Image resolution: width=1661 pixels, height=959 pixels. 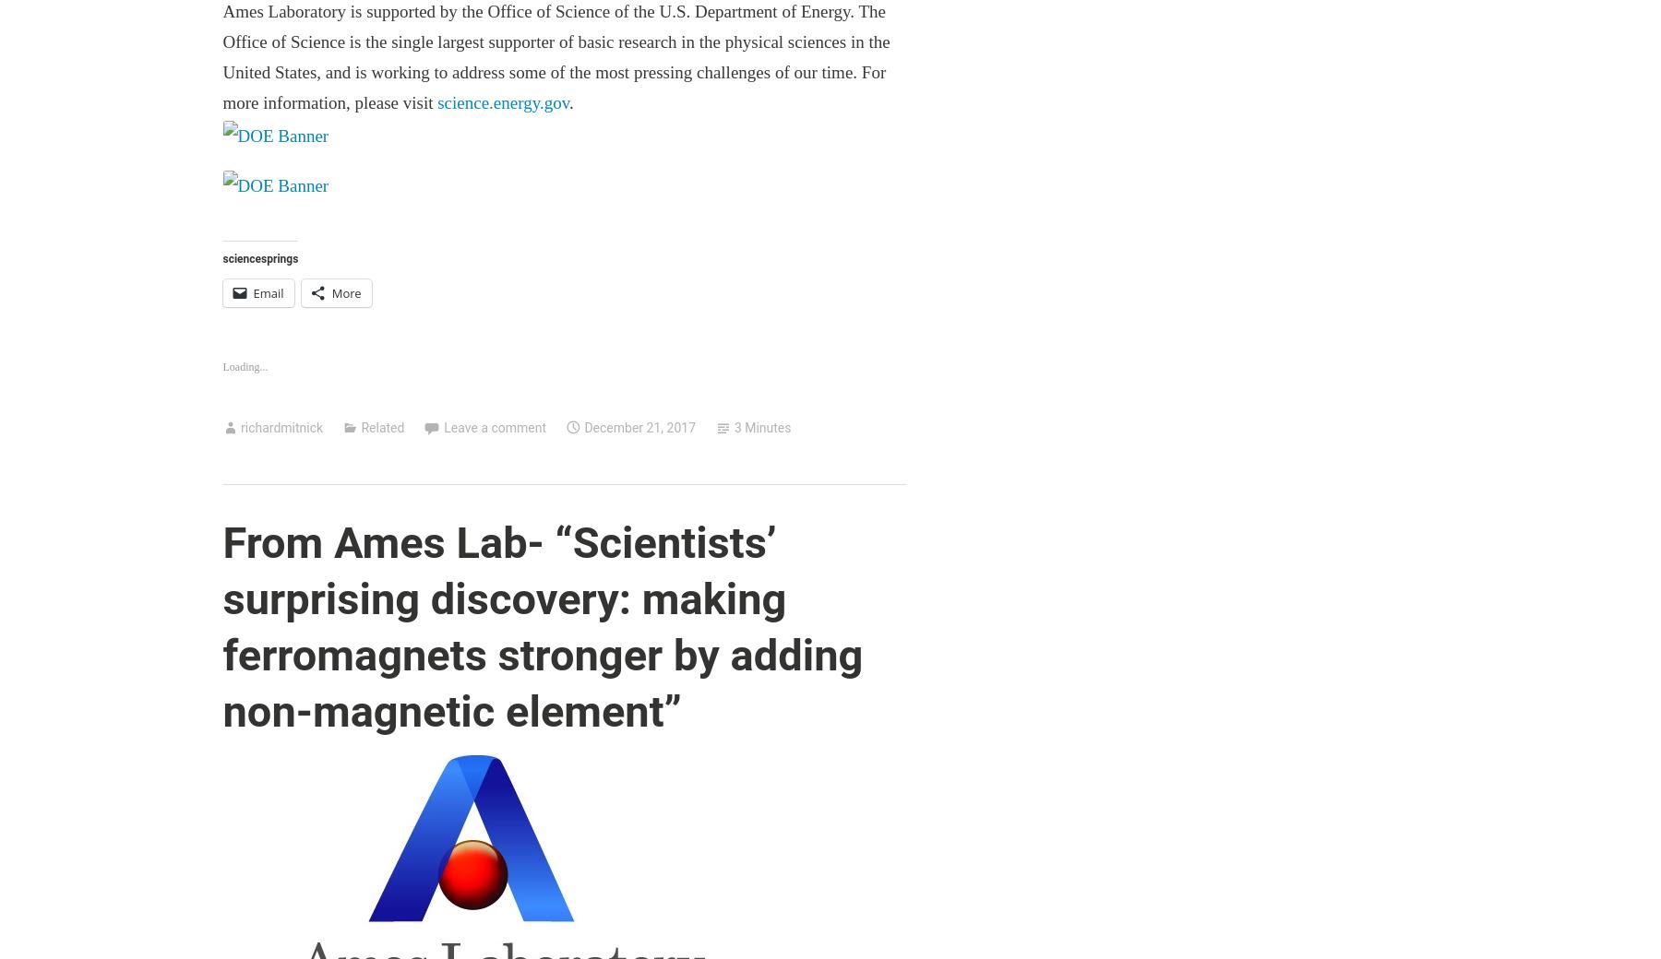 What do you see at coordinates (762, 427) in the screenshot?
I see `'3 Minutes'` at bounding box center [762, 427].